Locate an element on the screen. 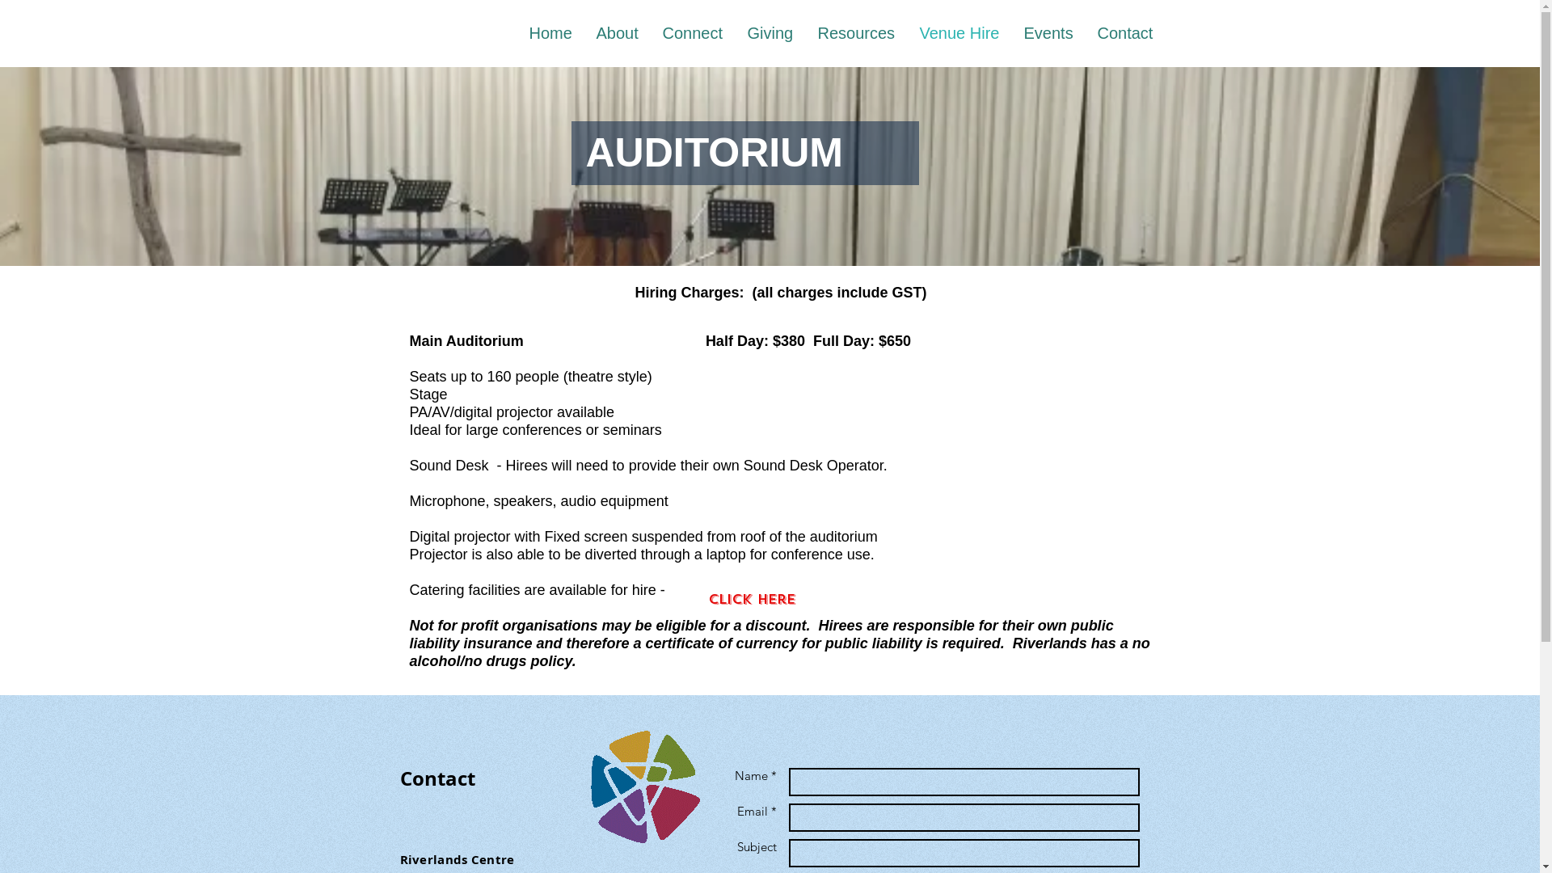 The width and height of the screenshot is (1552, 873). 'Click Here' is located at coordinates (750, 599).